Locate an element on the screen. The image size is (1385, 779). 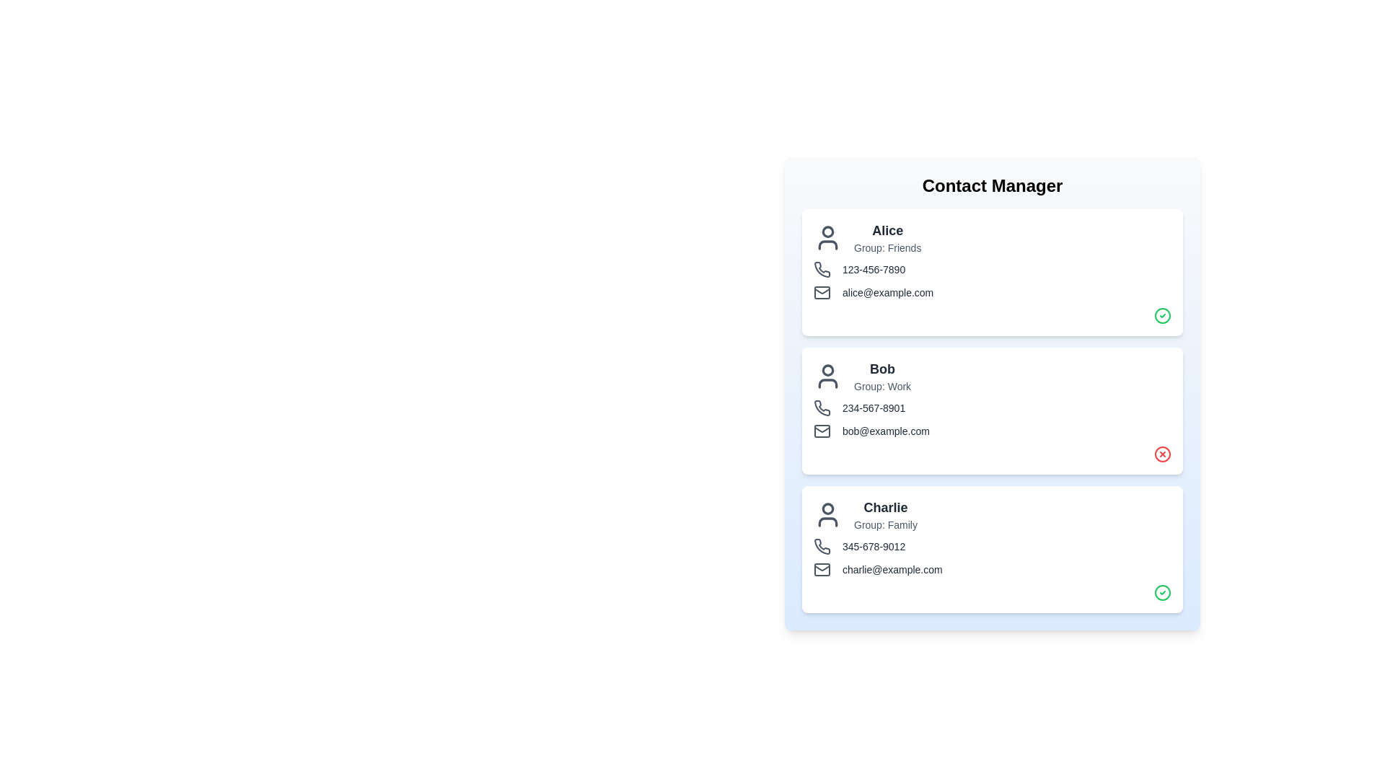
the verification icon for Charlie is located at coordinates (1163, 592).